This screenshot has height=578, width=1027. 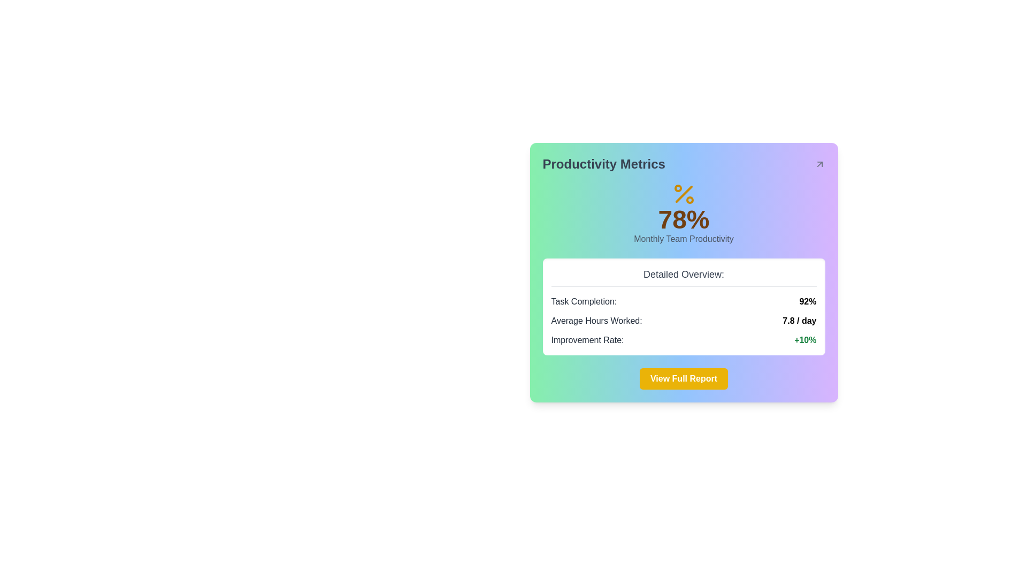 I want to click on the yellow button labeled 'View Full Report' located at the bottom of the 'Productivity Metrics' card, so click(x=683, y=378).